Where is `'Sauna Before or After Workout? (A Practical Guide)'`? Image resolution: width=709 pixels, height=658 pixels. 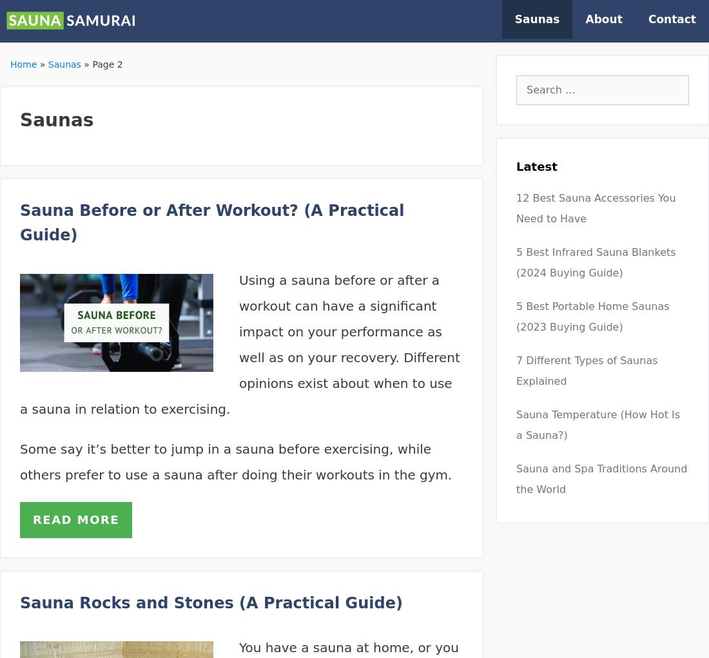 'Sauna Before or After Workout? (A Practical Guide)' is located at coordinates (211, 222).